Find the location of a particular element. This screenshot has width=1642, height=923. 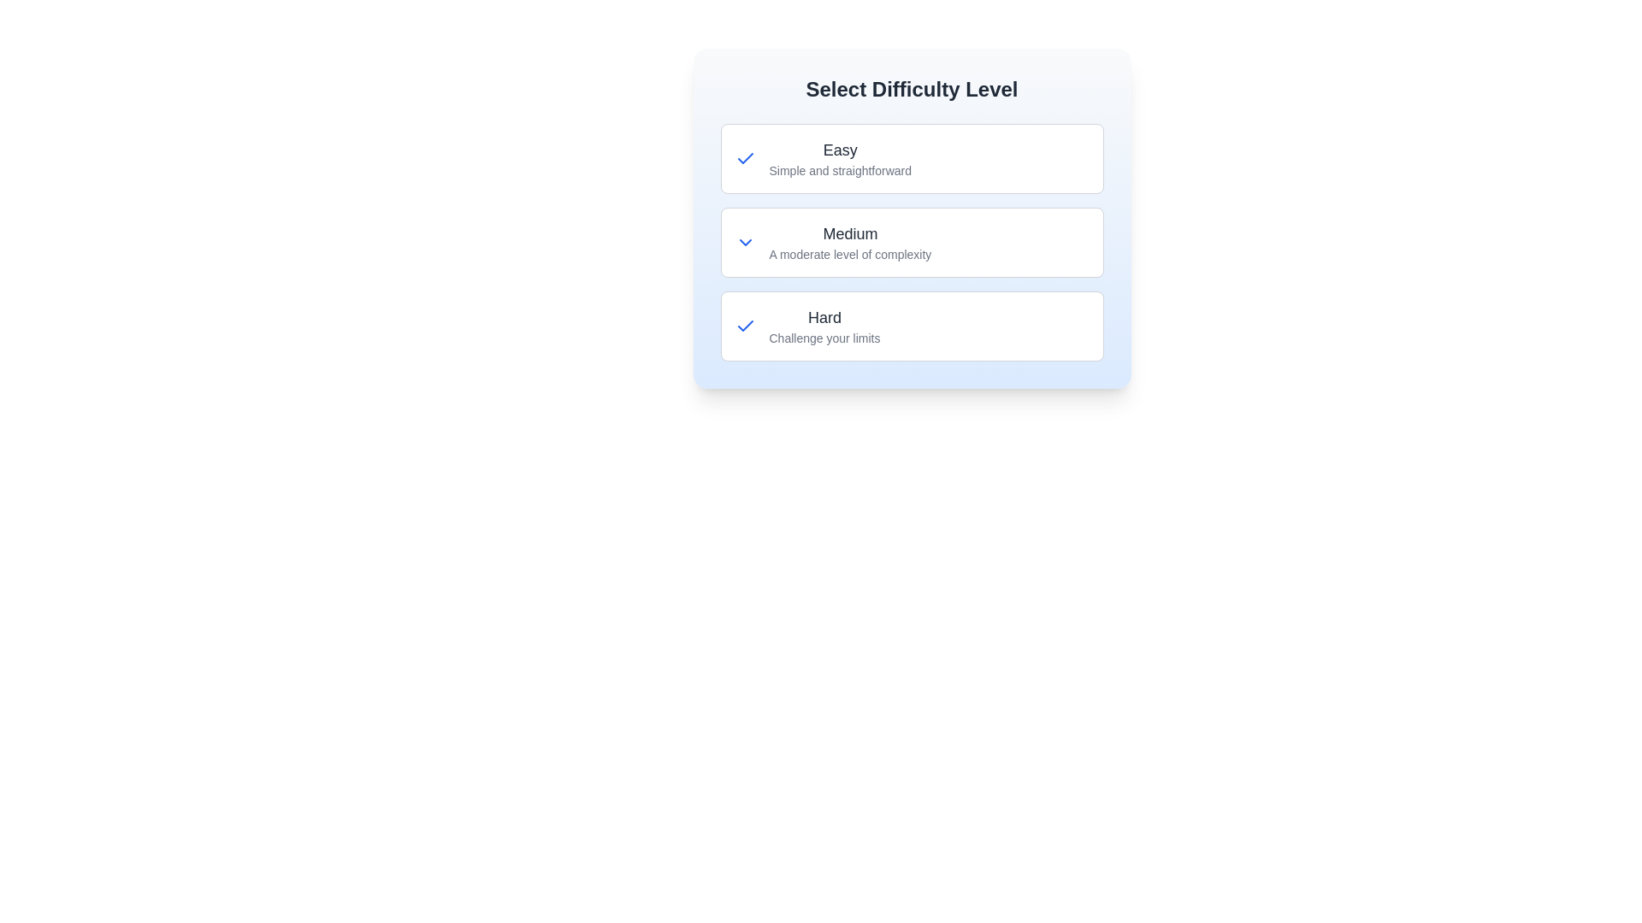

the descriptive subtitle Text label for the 'Easy' difficulty option, which is aligned left beneath the 'Easy' label in the difficulty selection list is located at coordinates (840, 171).